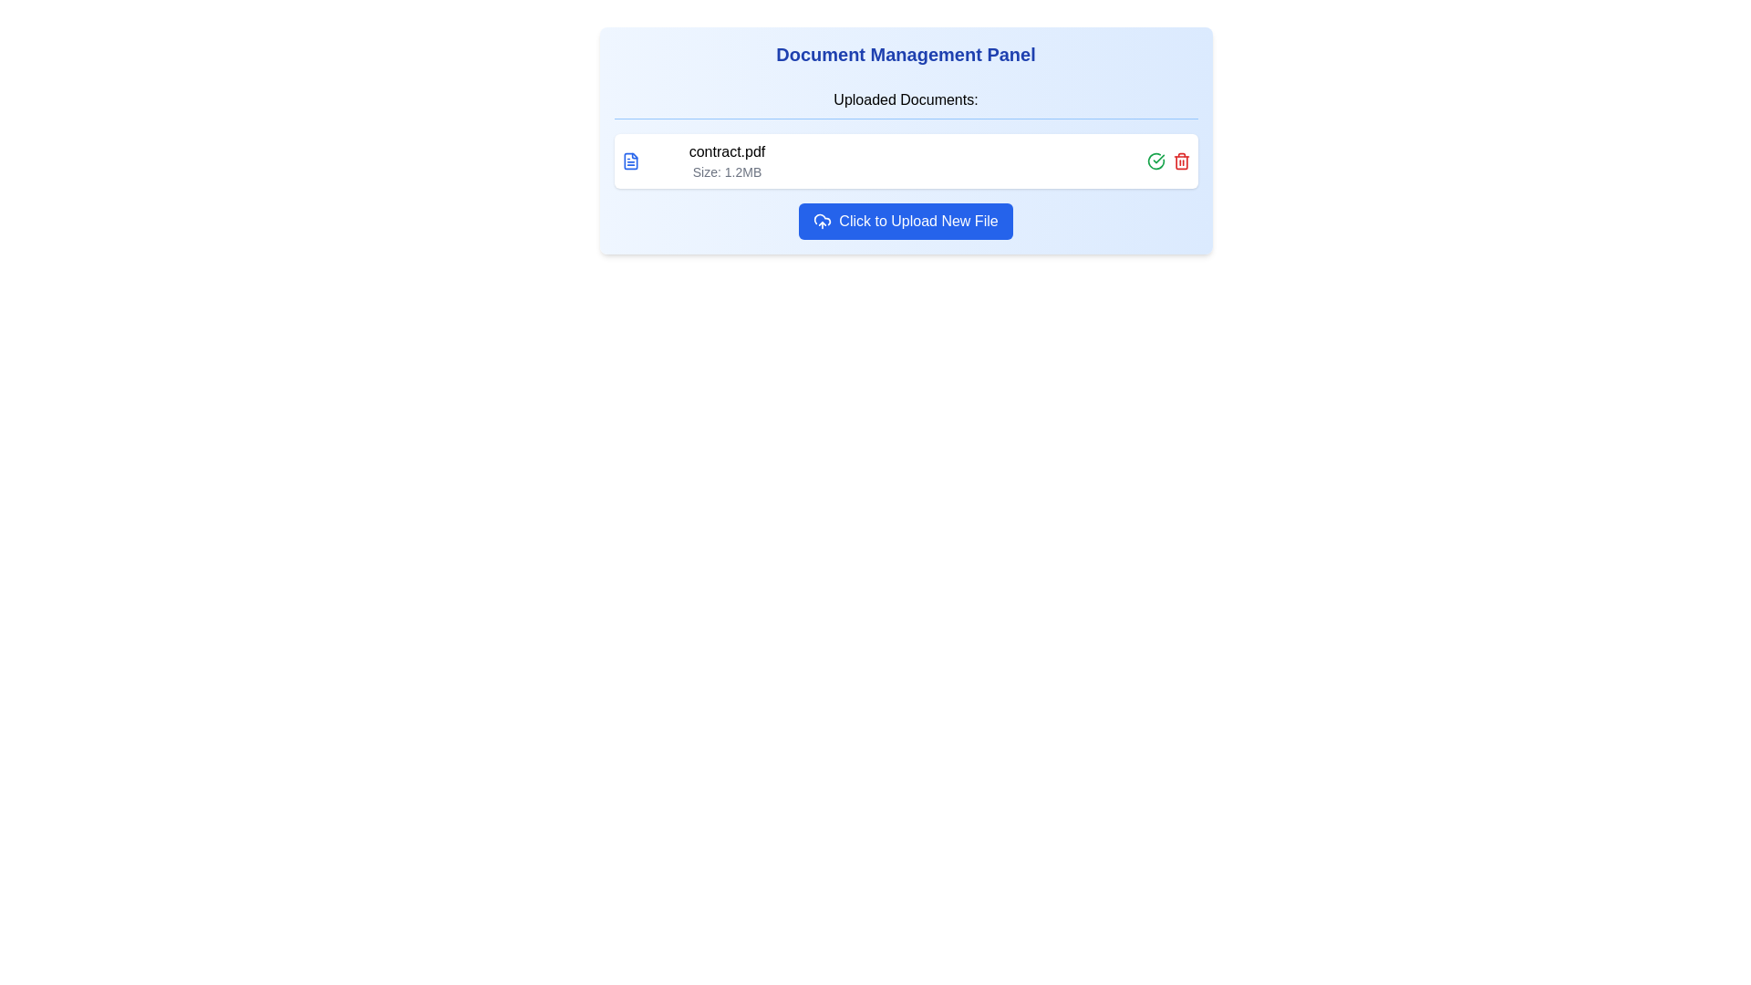  I want to click on the green icon in the action panel located at the top-right corner of the document details panel to confirm the action related to 'contract.pdf', so click(1168, 161).